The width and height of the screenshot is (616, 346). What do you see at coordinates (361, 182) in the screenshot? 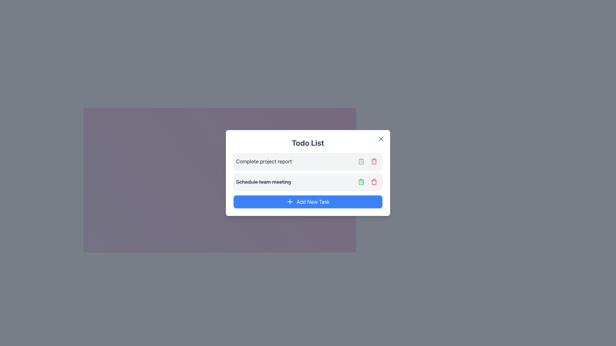
I see `the circular button with a green border and clipboard icon located to the immediate right of the text 'Schedule team meeting' in the task list` at bounding box center [361, 182].